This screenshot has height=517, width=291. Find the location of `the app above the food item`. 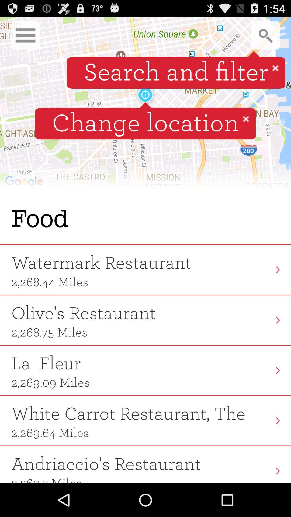

the app above the food item is located at coordinates (145, 105).